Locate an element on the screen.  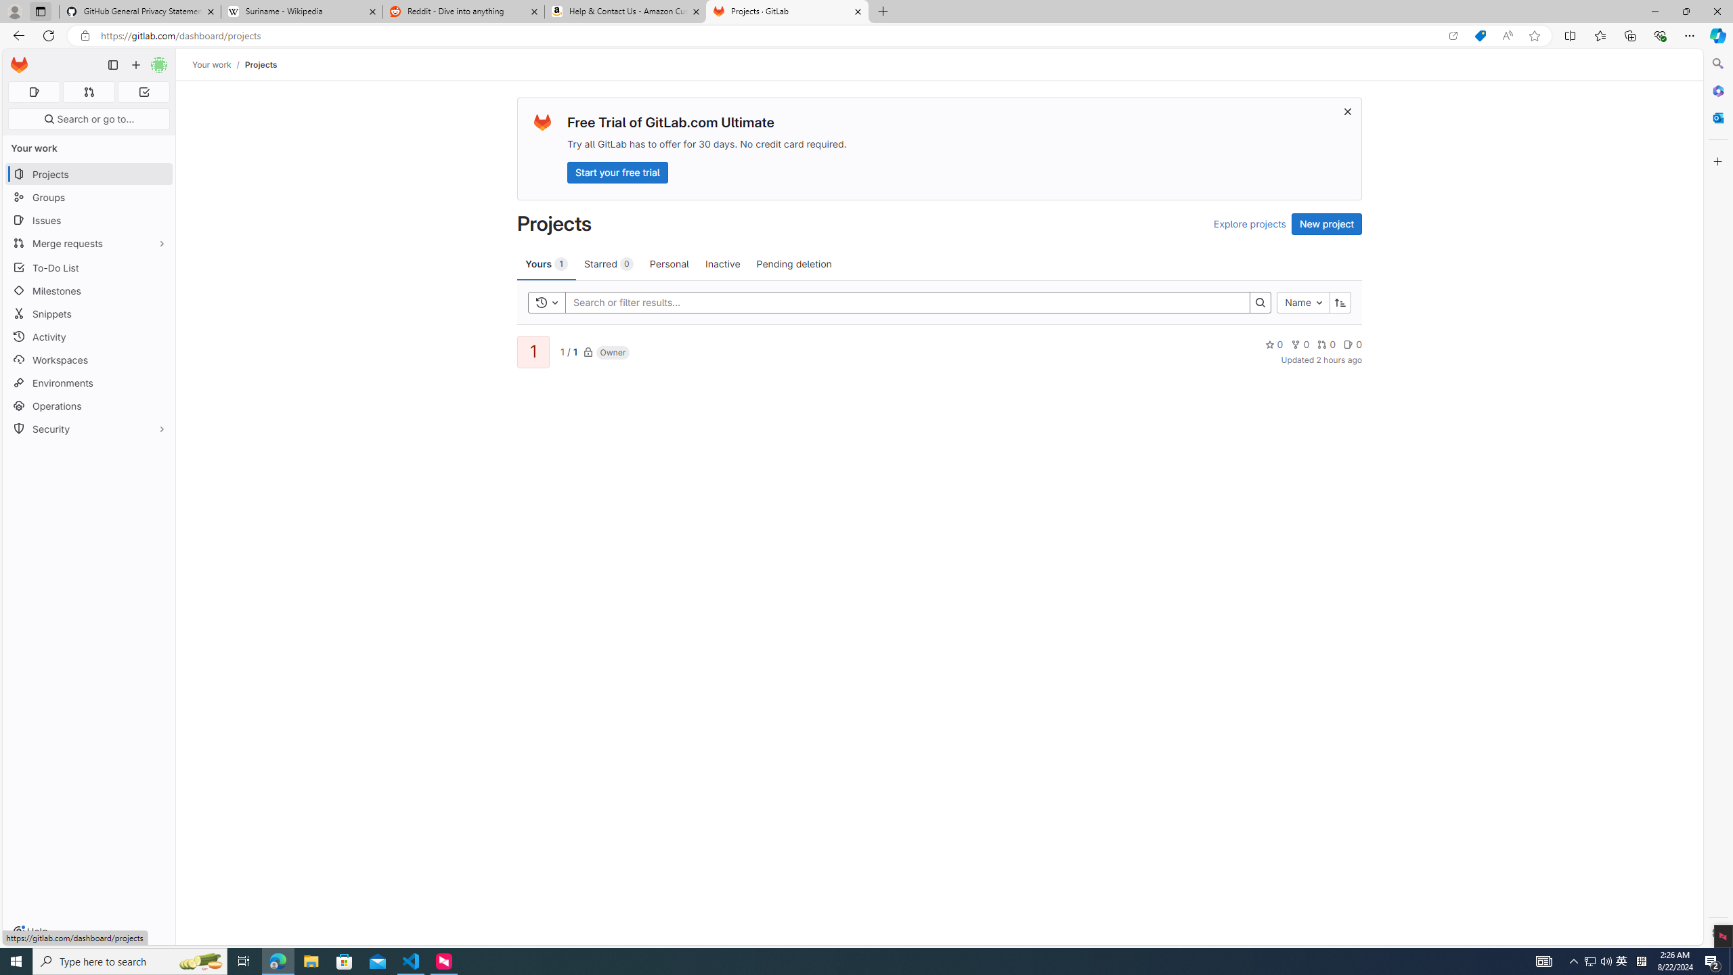
'Security' is located at coordinates (88, 427).